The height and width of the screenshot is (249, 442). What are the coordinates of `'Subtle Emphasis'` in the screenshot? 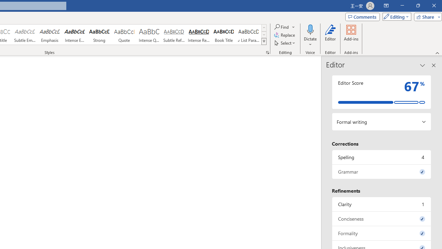 It's located at (25, 35).